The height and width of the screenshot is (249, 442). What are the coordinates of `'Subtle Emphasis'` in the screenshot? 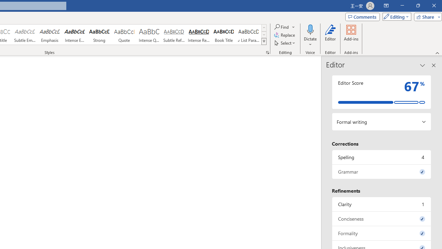 It's located at (25, 35).